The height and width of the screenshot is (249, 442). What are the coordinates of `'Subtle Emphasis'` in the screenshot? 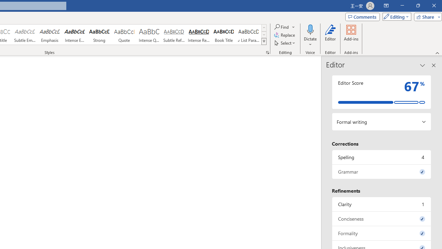 It's located at (25, 35).